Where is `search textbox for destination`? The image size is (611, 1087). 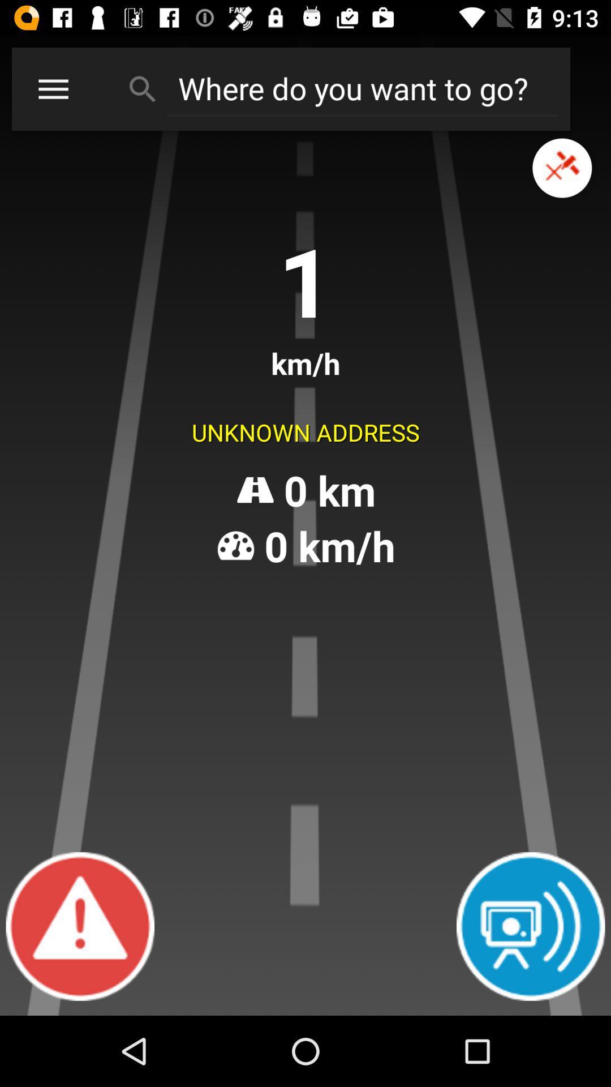
search textbox for destination is located at coordinates (362, 88).